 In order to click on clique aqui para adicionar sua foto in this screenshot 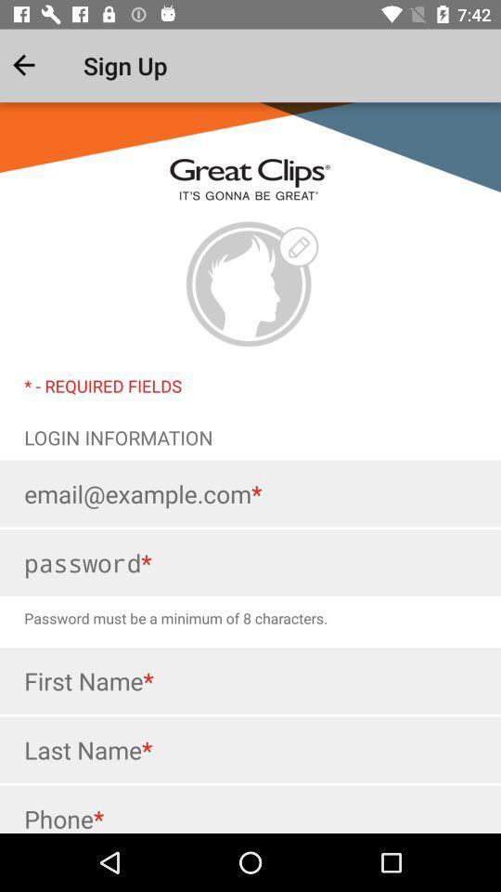, I will do `click(250, 283)`.